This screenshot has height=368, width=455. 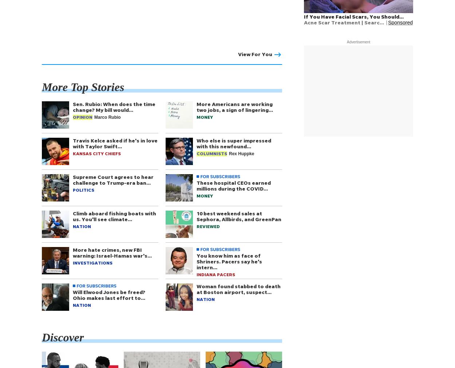 What do you see at coordinates (229, 261) in the screenshot?
I see `'You know him as face of Shriners. Pacers say he's intern…'` at bounding box center [229, 261].